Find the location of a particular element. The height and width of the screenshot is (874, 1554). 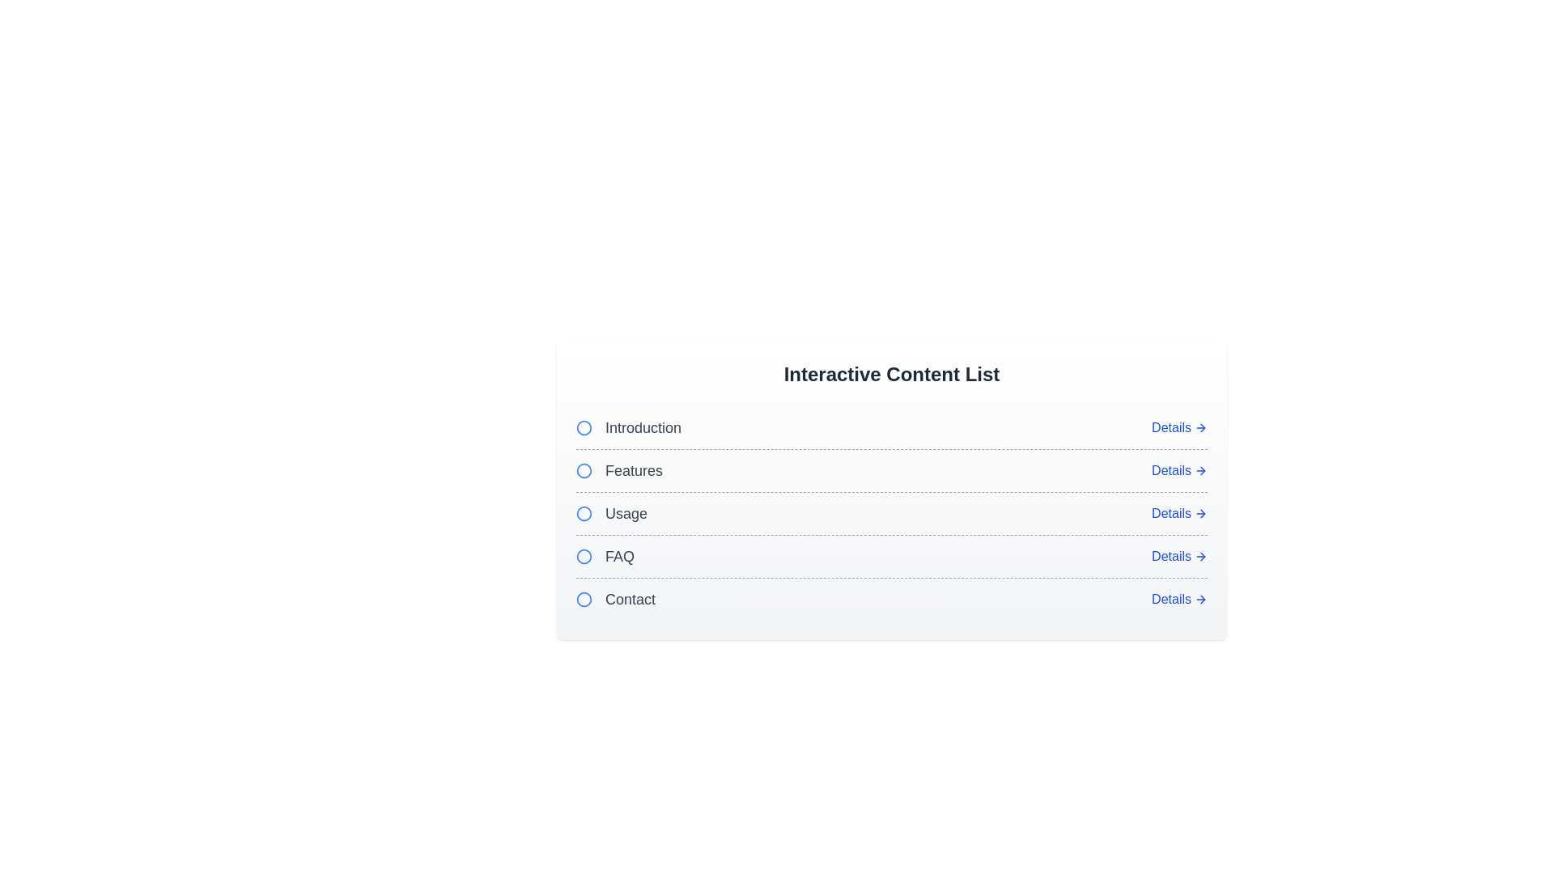

text label that represents the third item in a vertical list, which is positioned next to a blue circle icon is located at coordinates (625, 514).